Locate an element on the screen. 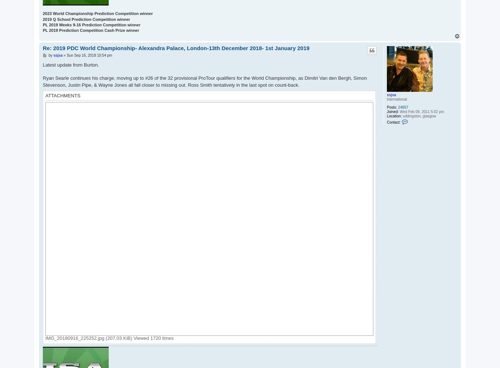  'IMG_20180916_225252.jpg (207.03 KiB) Viewed 1720 times' is located at coordinates (45, 338).